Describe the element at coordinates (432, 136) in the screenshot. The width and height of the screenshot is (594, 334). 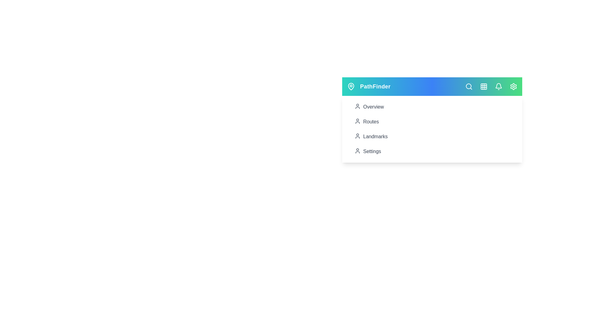
I see `the 'Landmarks' menu item to view landmarks` at that location.